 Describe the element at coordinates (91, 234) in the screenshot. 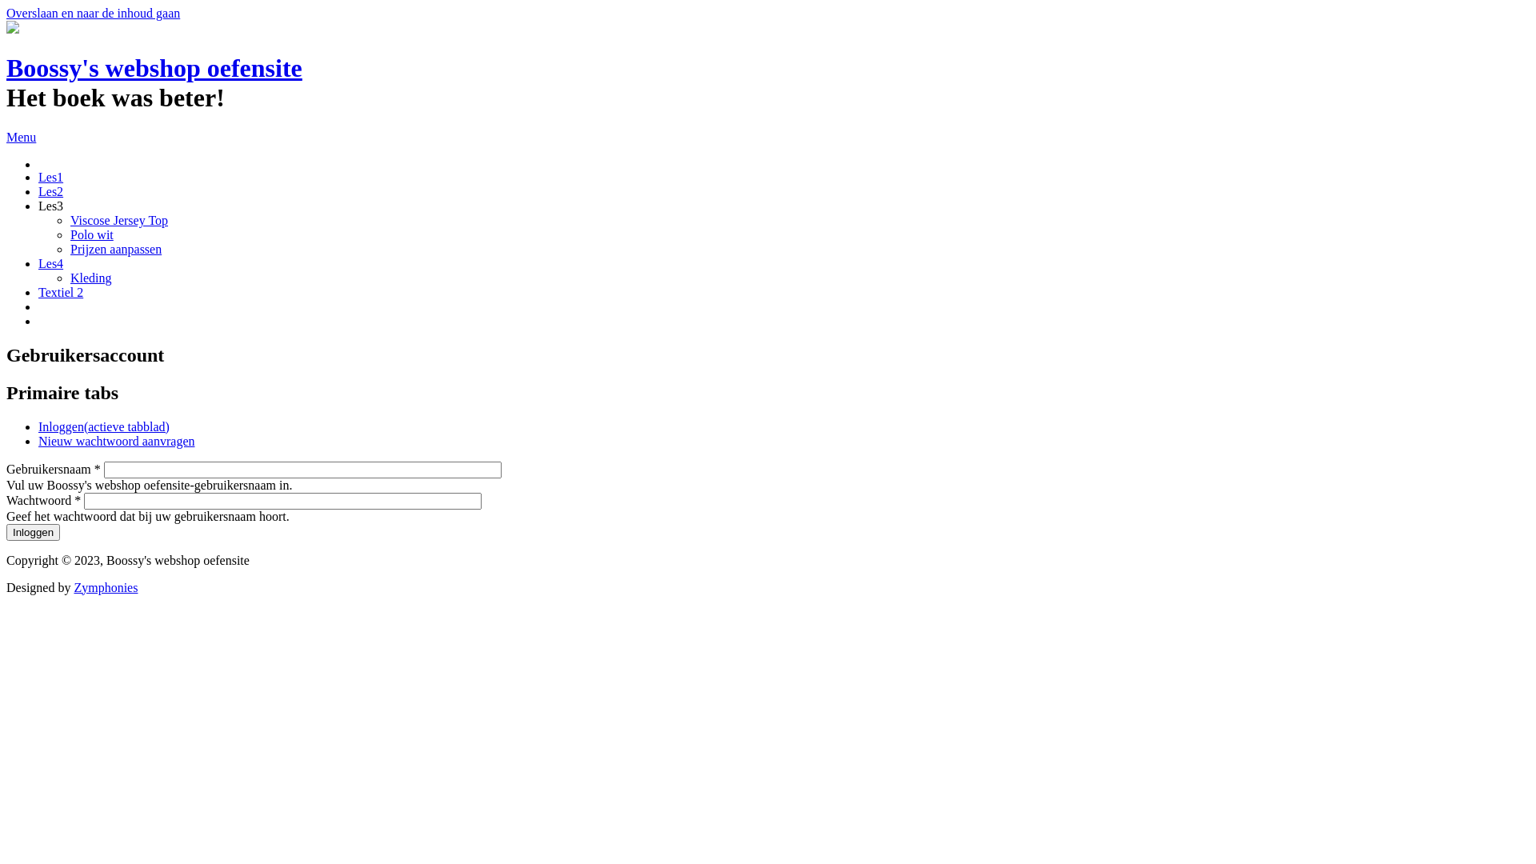

I see `'Polo wit'` at that location.